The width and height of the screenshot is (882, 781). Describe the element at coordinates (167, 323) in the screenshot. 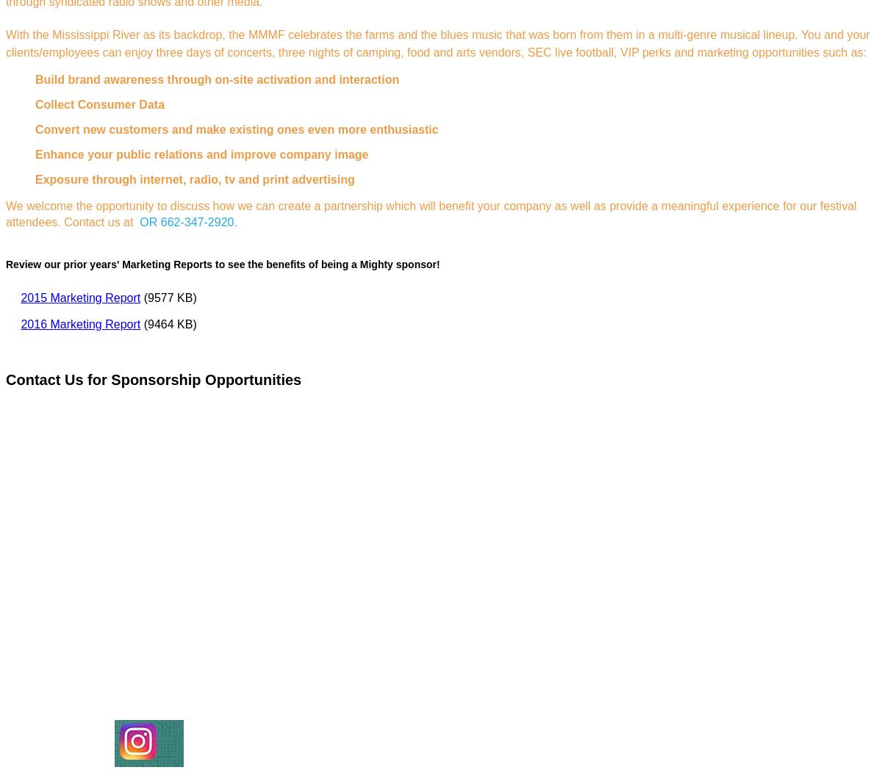

I see `'(9464 KB)'` at that location.